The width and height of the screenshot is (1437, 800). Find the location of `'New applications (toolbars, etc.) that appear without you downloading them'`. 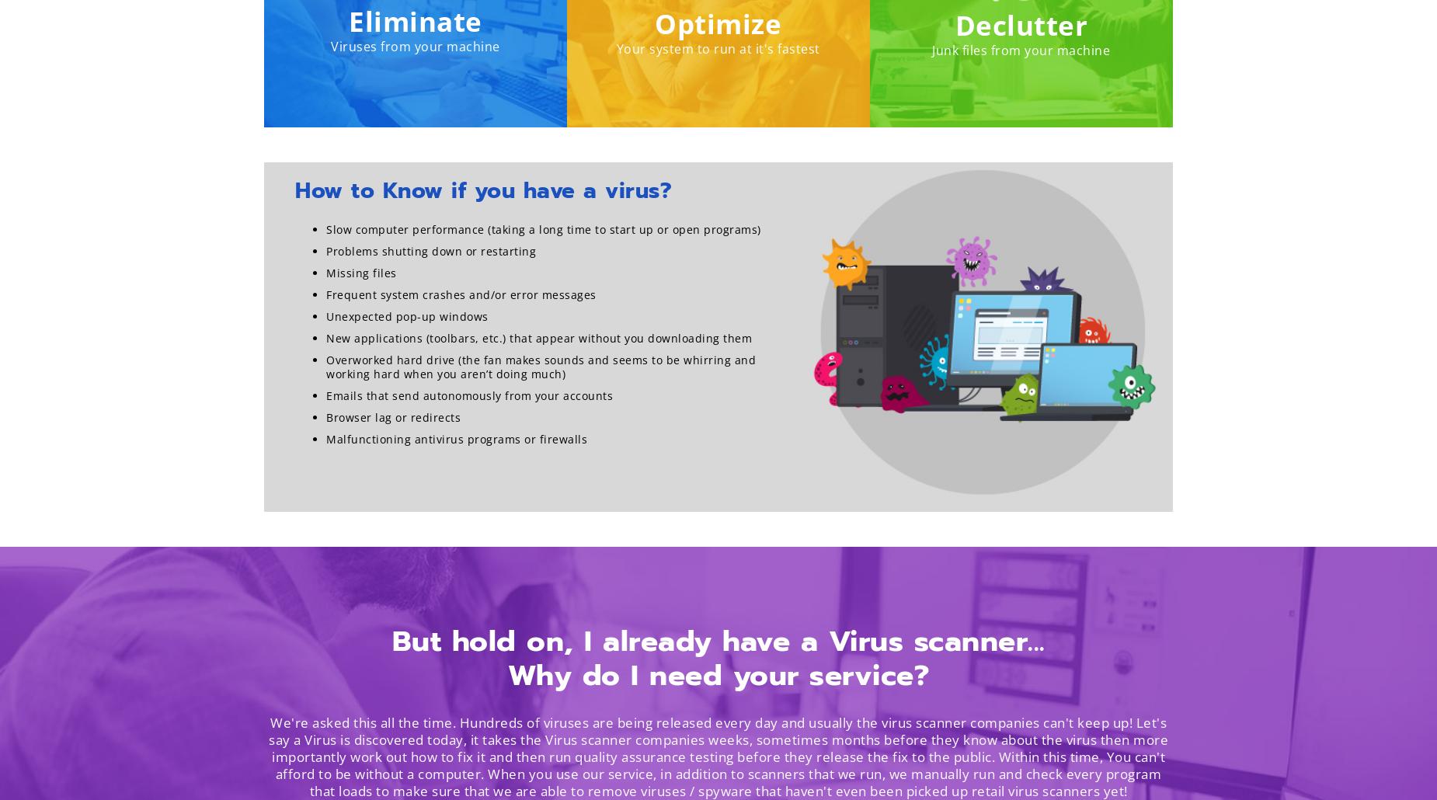

'New applications (toolbars, etc.) that appear without you downloading them' is located at coordinates (538, 337).